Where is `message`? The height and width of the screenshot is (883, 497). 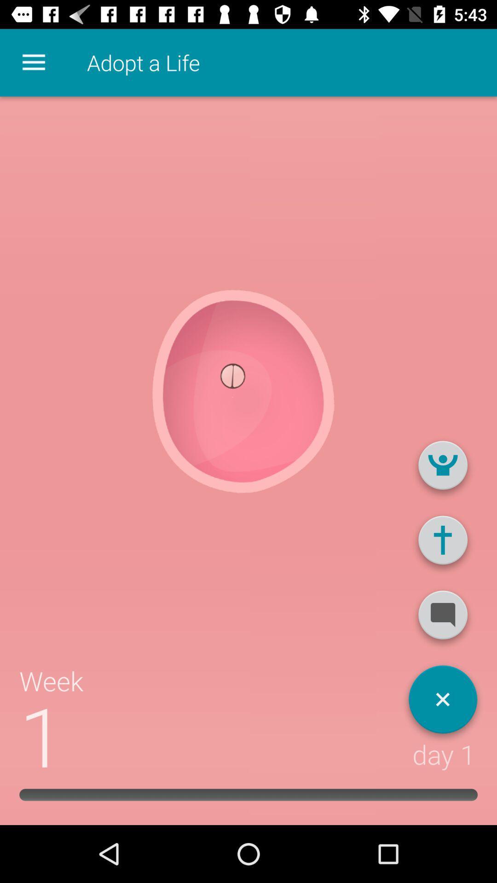
message is located at coordinates (442, 619).